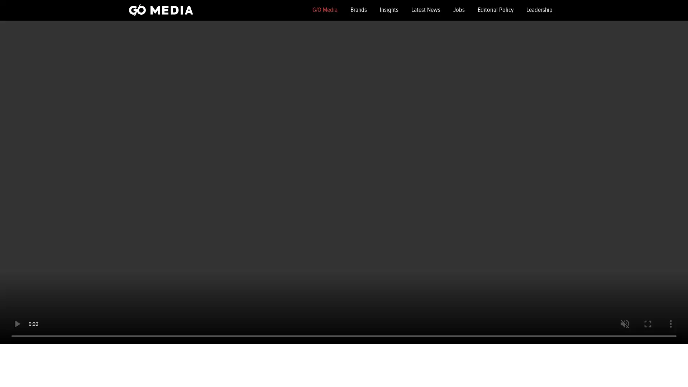  What do you see at coordinates (17, 324) in the screenshot?
I see `play` at bounding box center [17, 324].